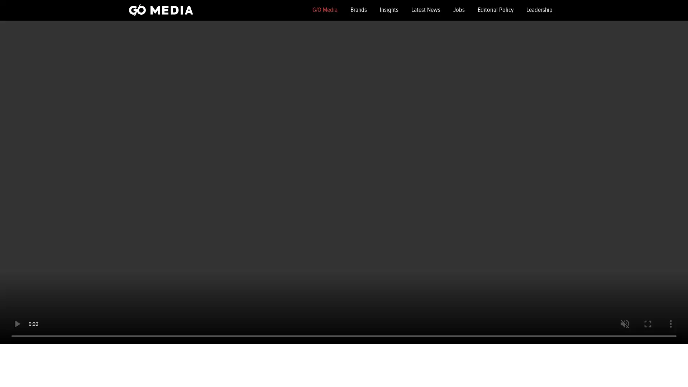  What do you see at coordinates (17, 324) in the screenshot?
I see `play` at bounding box center [17, 324].